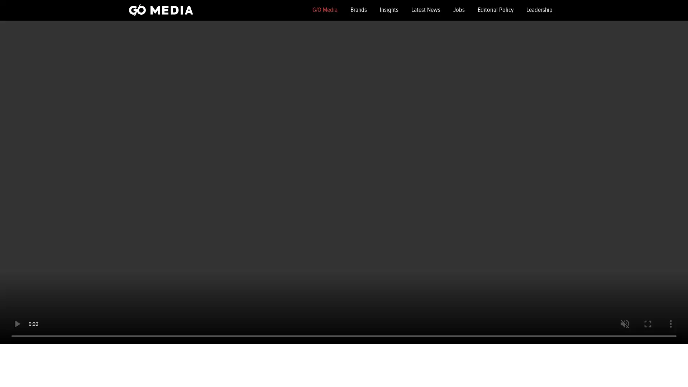  What do you see at coordinates (17, 324) in the screenshot?
I see `play` at bounding box center [17, 324].